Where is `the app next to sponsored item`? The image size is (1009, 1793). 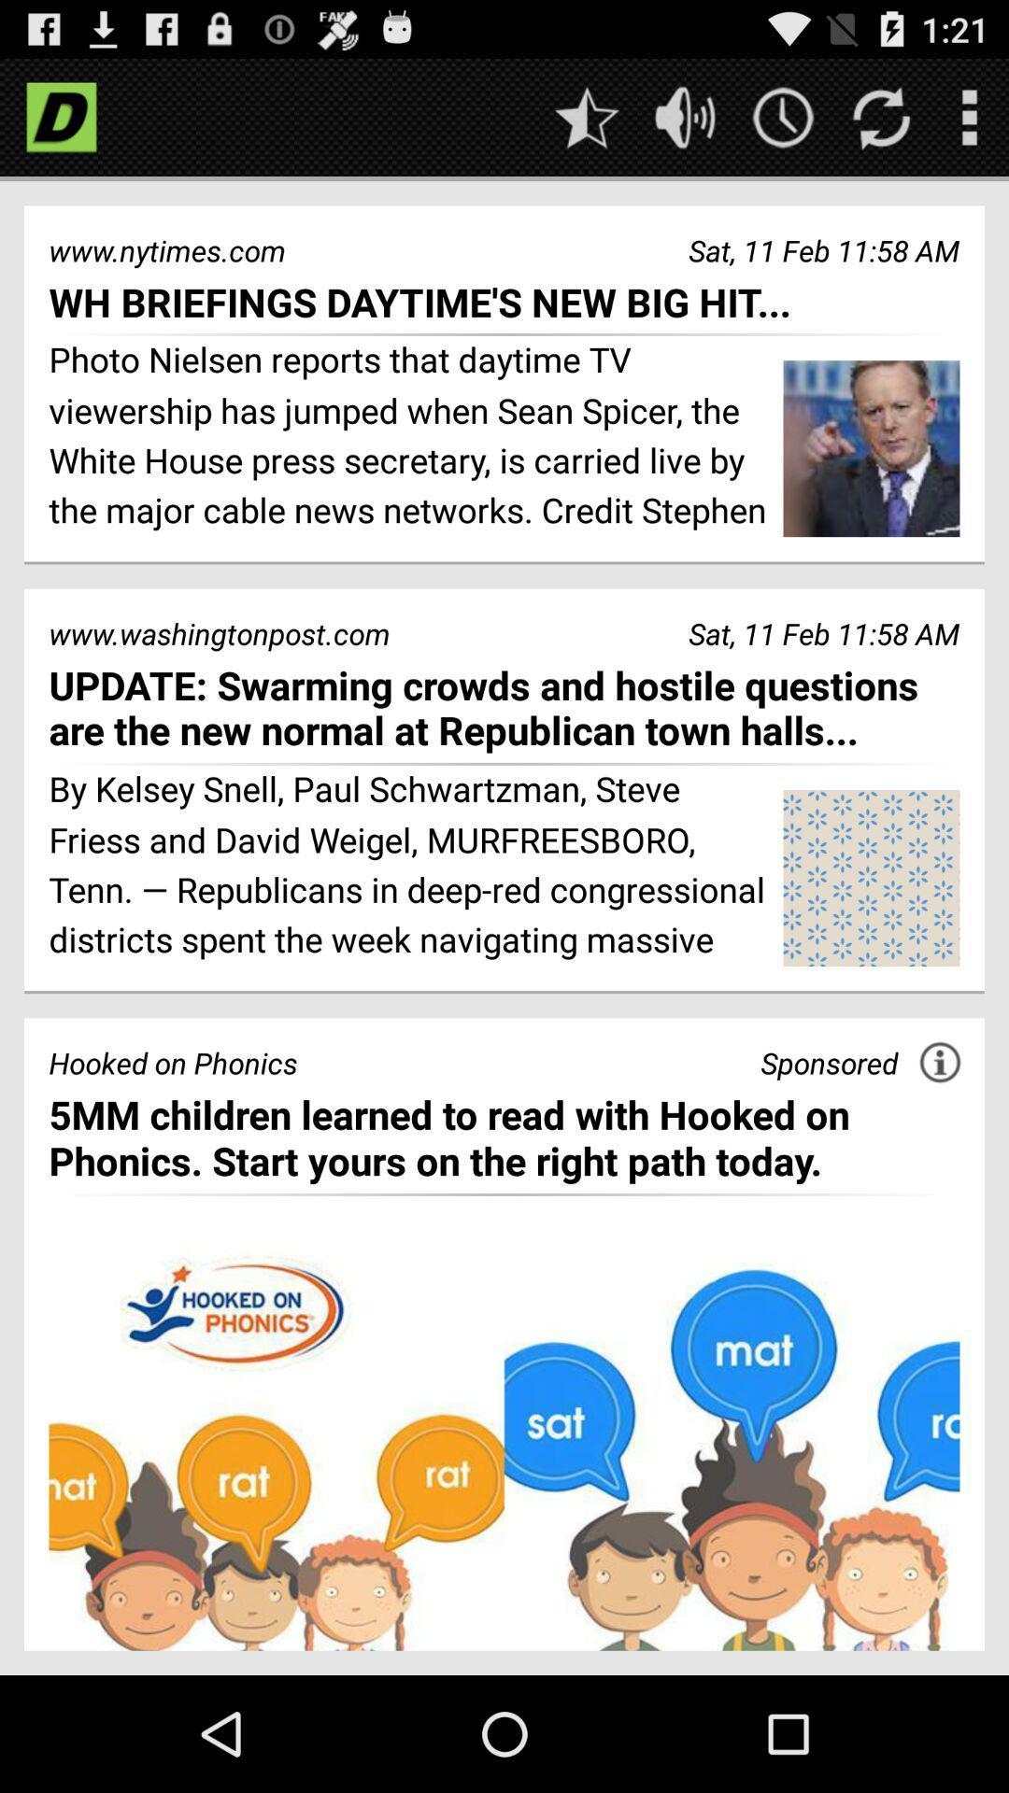 the app next to sponsored item is located at coordinates (940, 1062).